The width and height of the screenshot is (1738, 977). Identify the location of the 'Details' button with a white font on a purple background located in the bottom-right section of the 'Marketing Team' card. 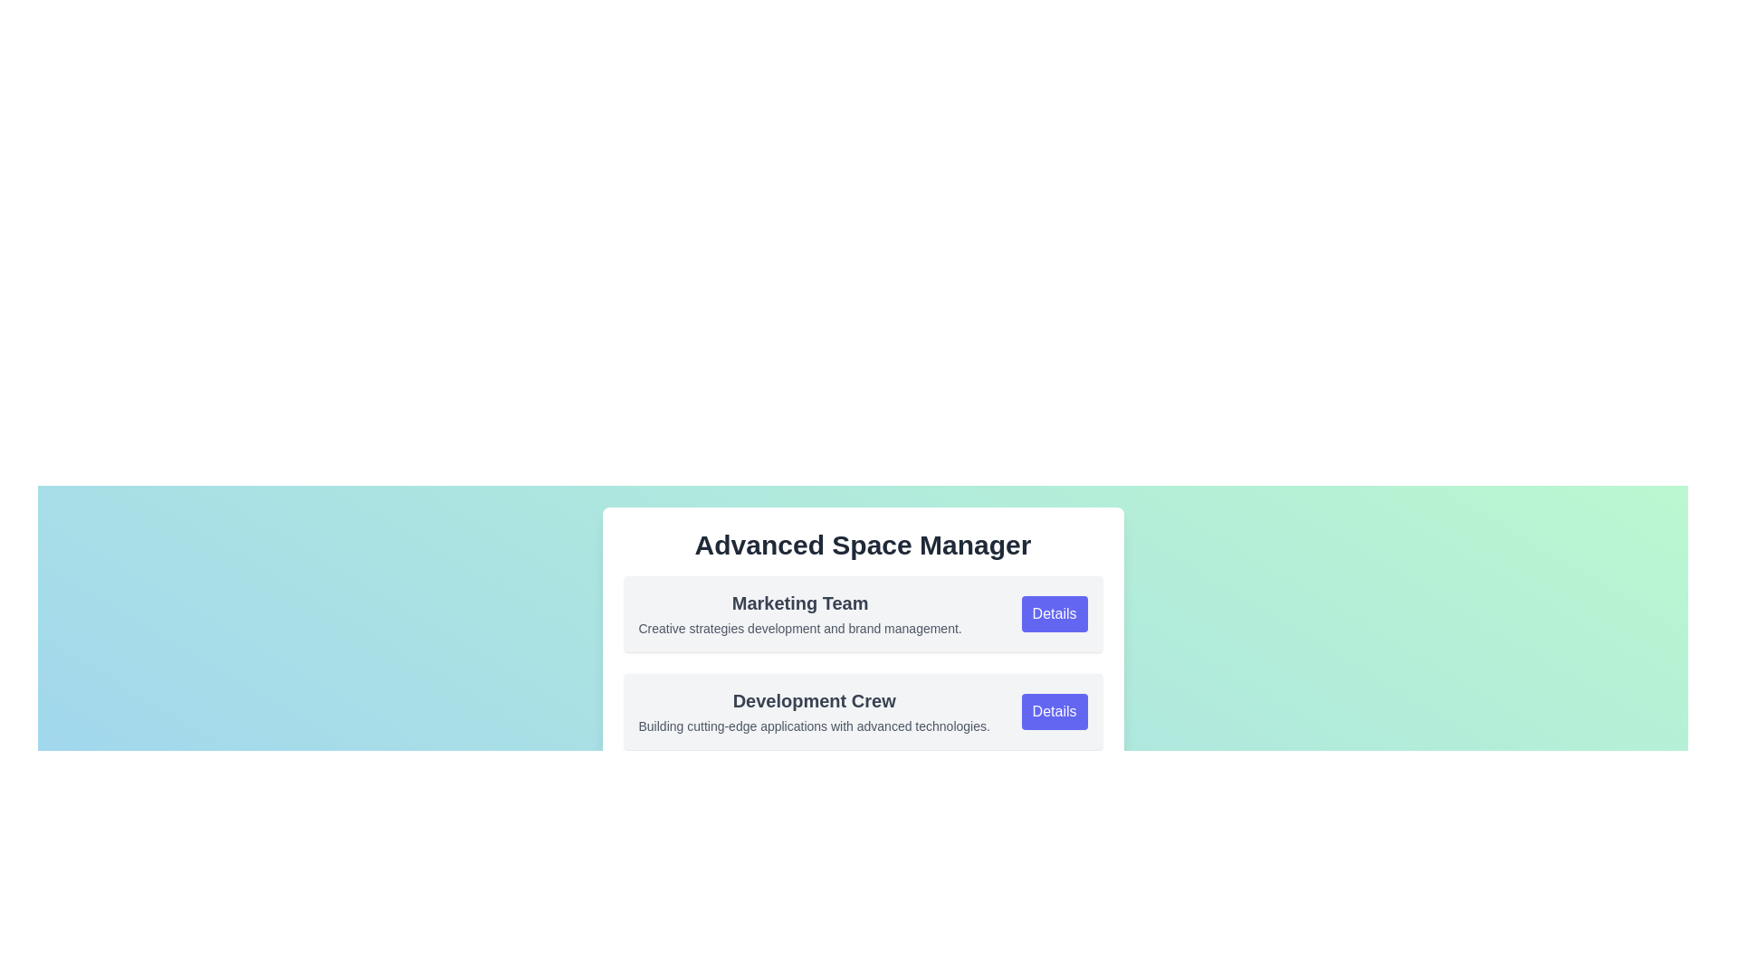
(1055, 612).